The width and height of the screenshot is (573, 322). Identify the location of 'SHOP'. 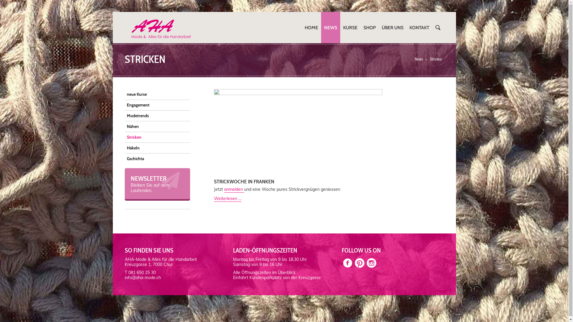
(369, 27).